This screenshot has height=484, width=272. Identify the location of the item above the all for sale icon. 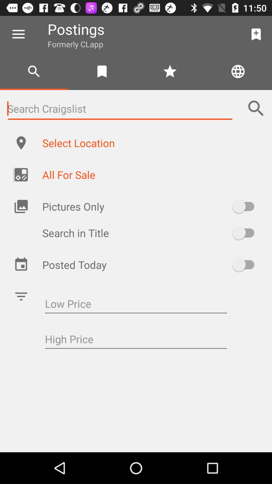
(151, 142).